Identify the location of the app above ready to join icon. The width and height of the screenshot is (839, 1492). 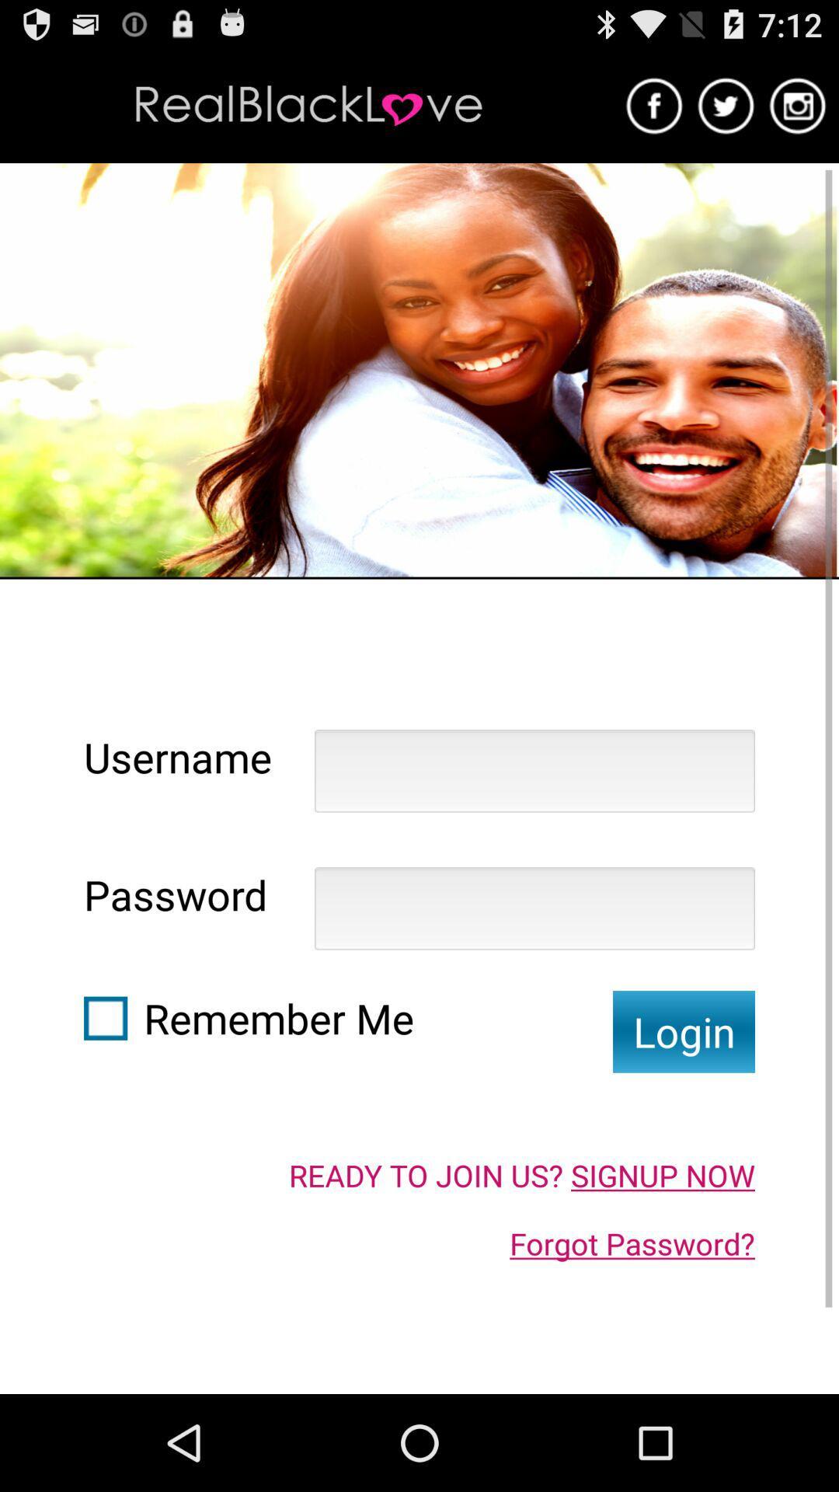
(683, 1031).